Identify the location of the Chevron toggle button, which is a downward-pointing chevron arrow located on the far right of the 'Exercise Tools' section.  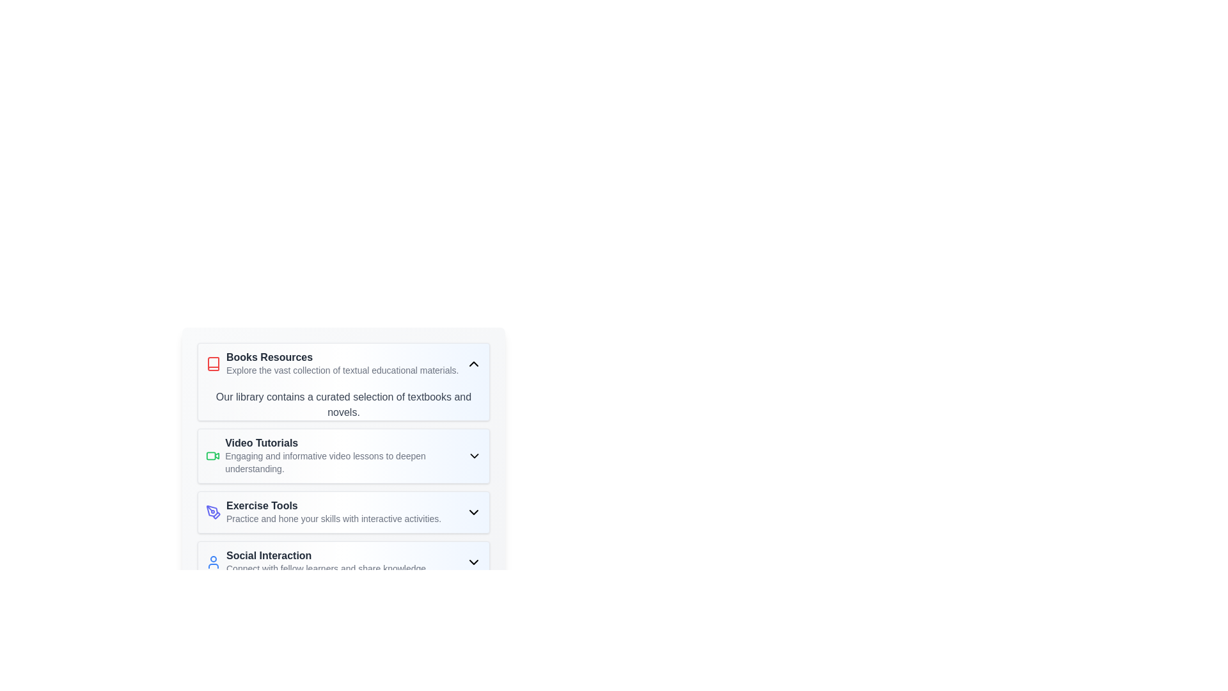
(473, 512).